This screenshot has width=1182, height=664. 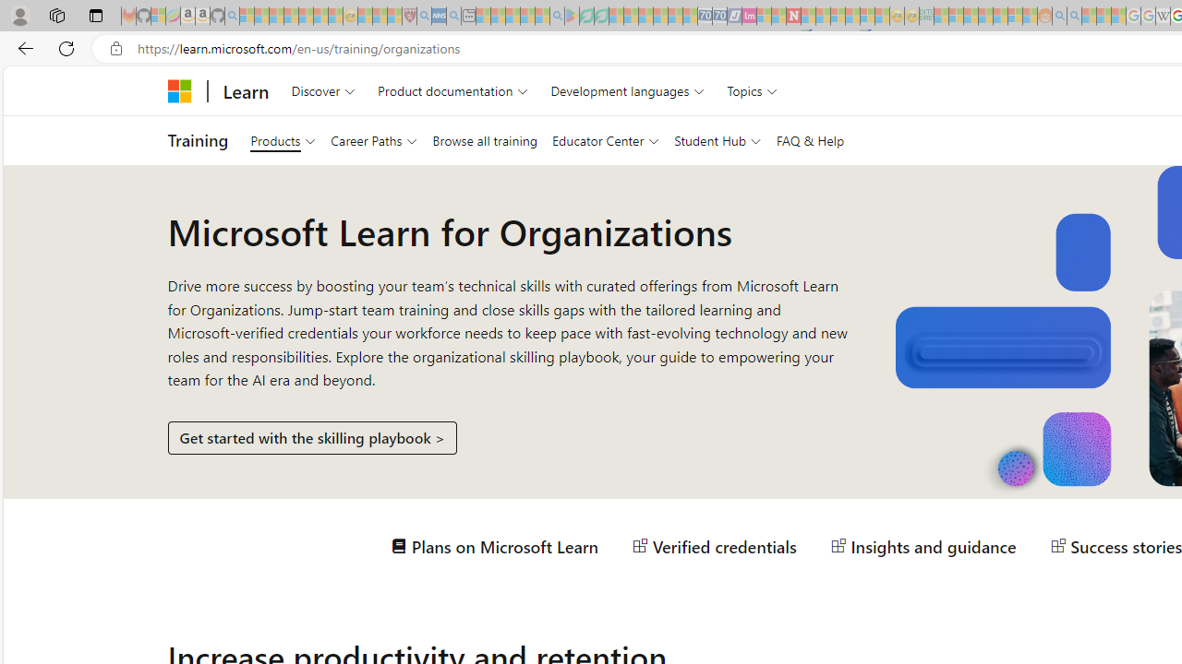 What do you see at coordinates (753, 90) in the screenshot?
I see `'Topics'` at bounding box center [753, 90].